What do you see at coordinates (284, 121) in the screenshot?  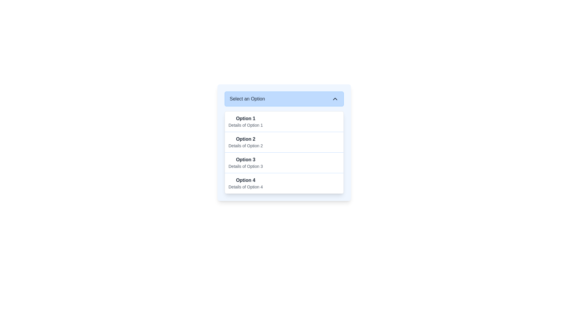 I see `the first selectable option in the dropdown menu labeled 'Select an Option'` at bounding box center [284, 121].